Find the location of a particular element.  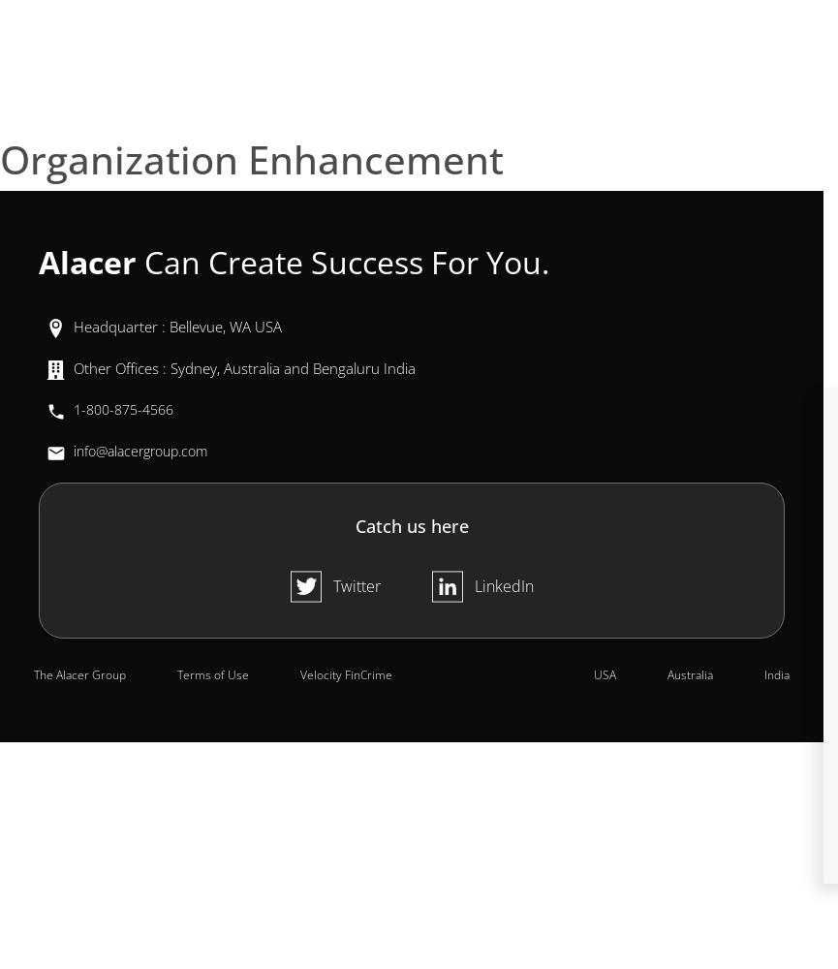

'Velocity FinCrime' is located at coordinates (346, 672).